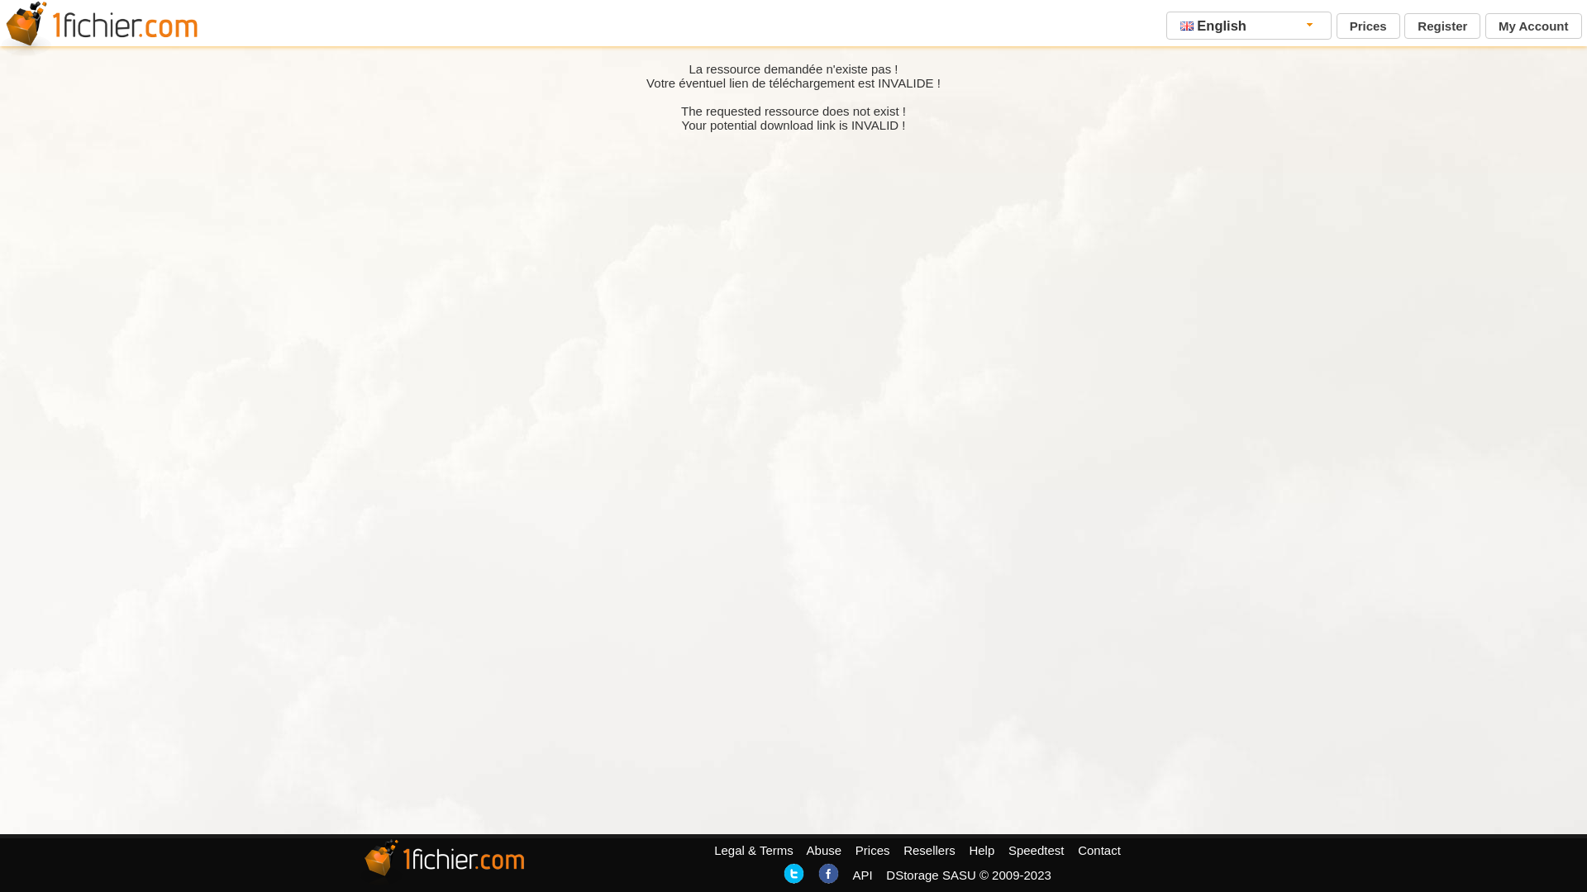 This screenshot has width=1587, height=892. What do you see at coordinates (1442, 26) in the screenshot?
I see `'Register'` at bounding box center [1442, 26].